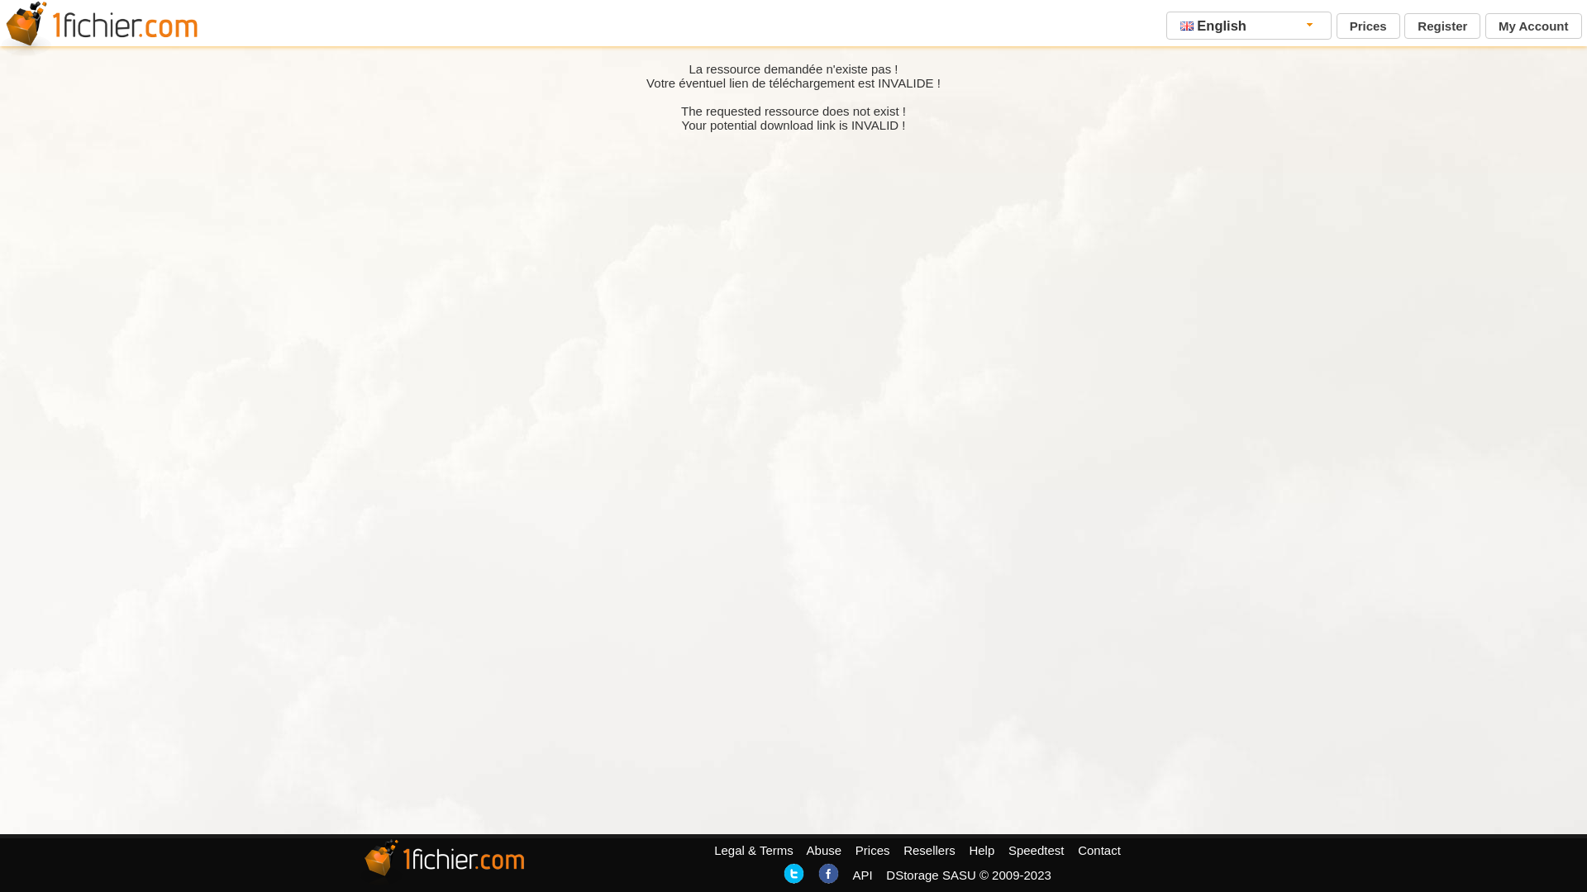 This screenshot has width=1587, height=892. What do you see at coordinates (1442, 26) in the screenshot?
I see `'Register'` at bounding box center [1442, 26].